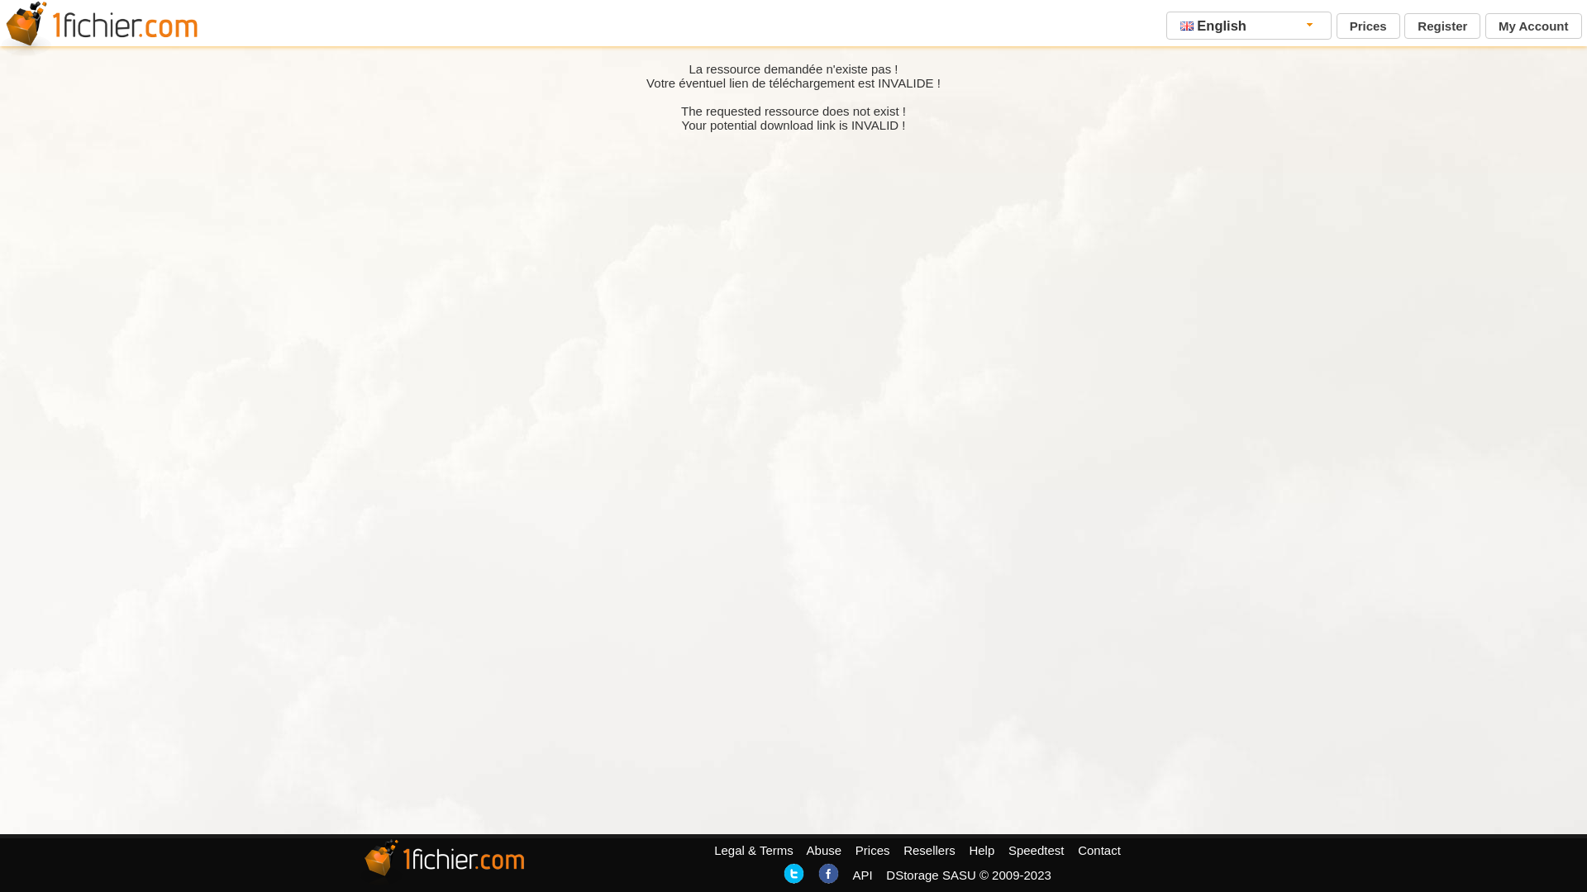 This screenshot has width=1587, height=892. What do you see at coordinates (1442, 26) in the screenshot?
I see `'Register'` at bounding box center [1442, 26].